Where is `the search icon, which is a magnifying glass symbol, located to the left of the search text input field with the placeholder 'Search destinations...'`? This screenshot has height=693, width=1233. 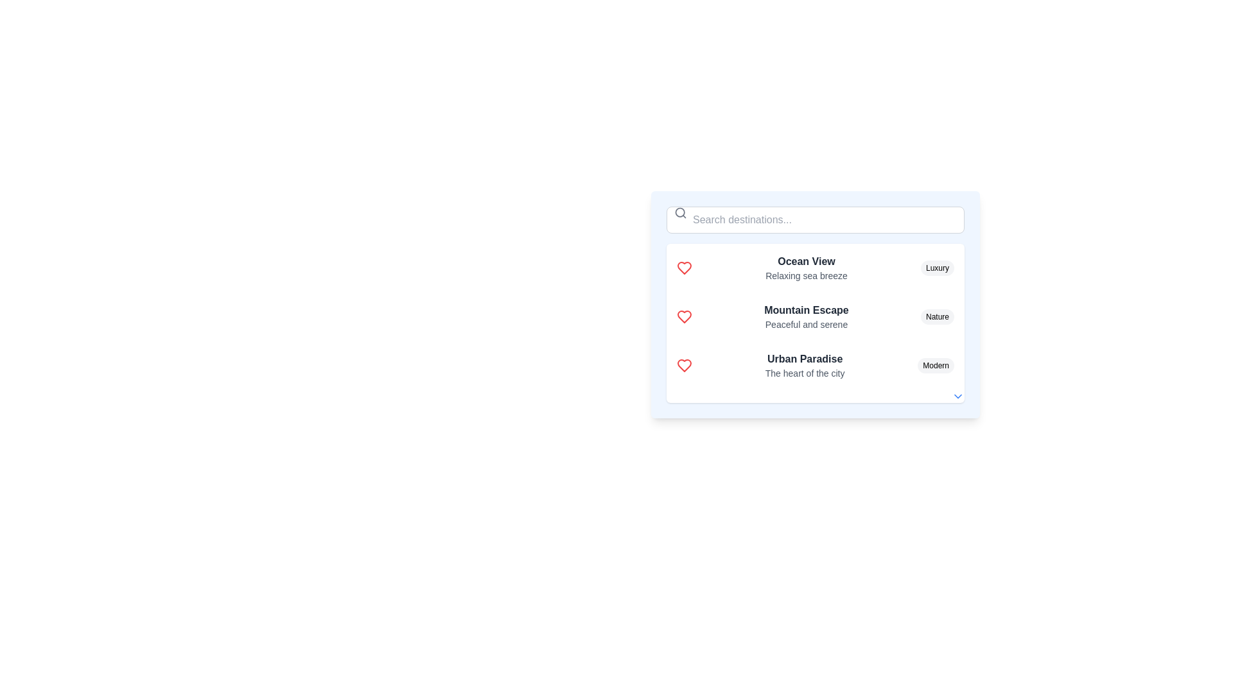
the search icon, which is a magnifying glass symbol, located to the left of the search text input field with the placeholder 'Search destinations...' is located at coordinates (680, 212).